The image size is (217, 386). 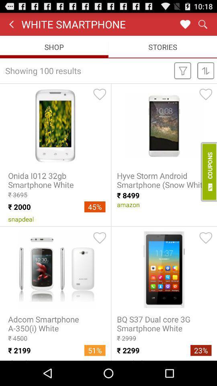 What do you see at coordinates (185, 26) in the screenshot?
I see `the favorite icon` at bounding box center [185, 26].